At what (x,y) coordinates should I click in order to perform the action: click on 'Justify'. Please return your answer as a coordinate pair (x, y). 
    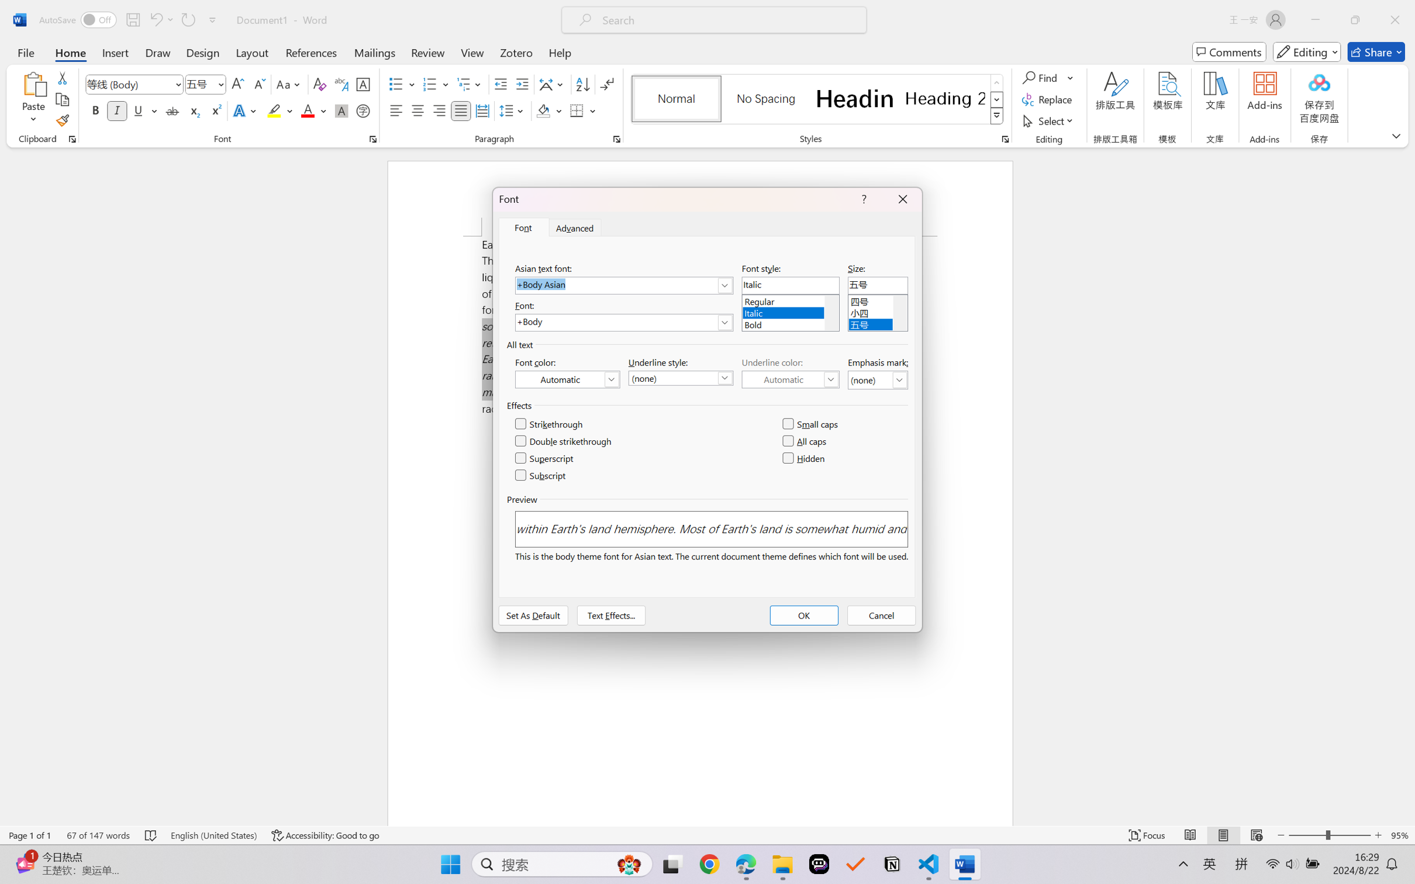
    Looking at the image, I should click on (460, 110).